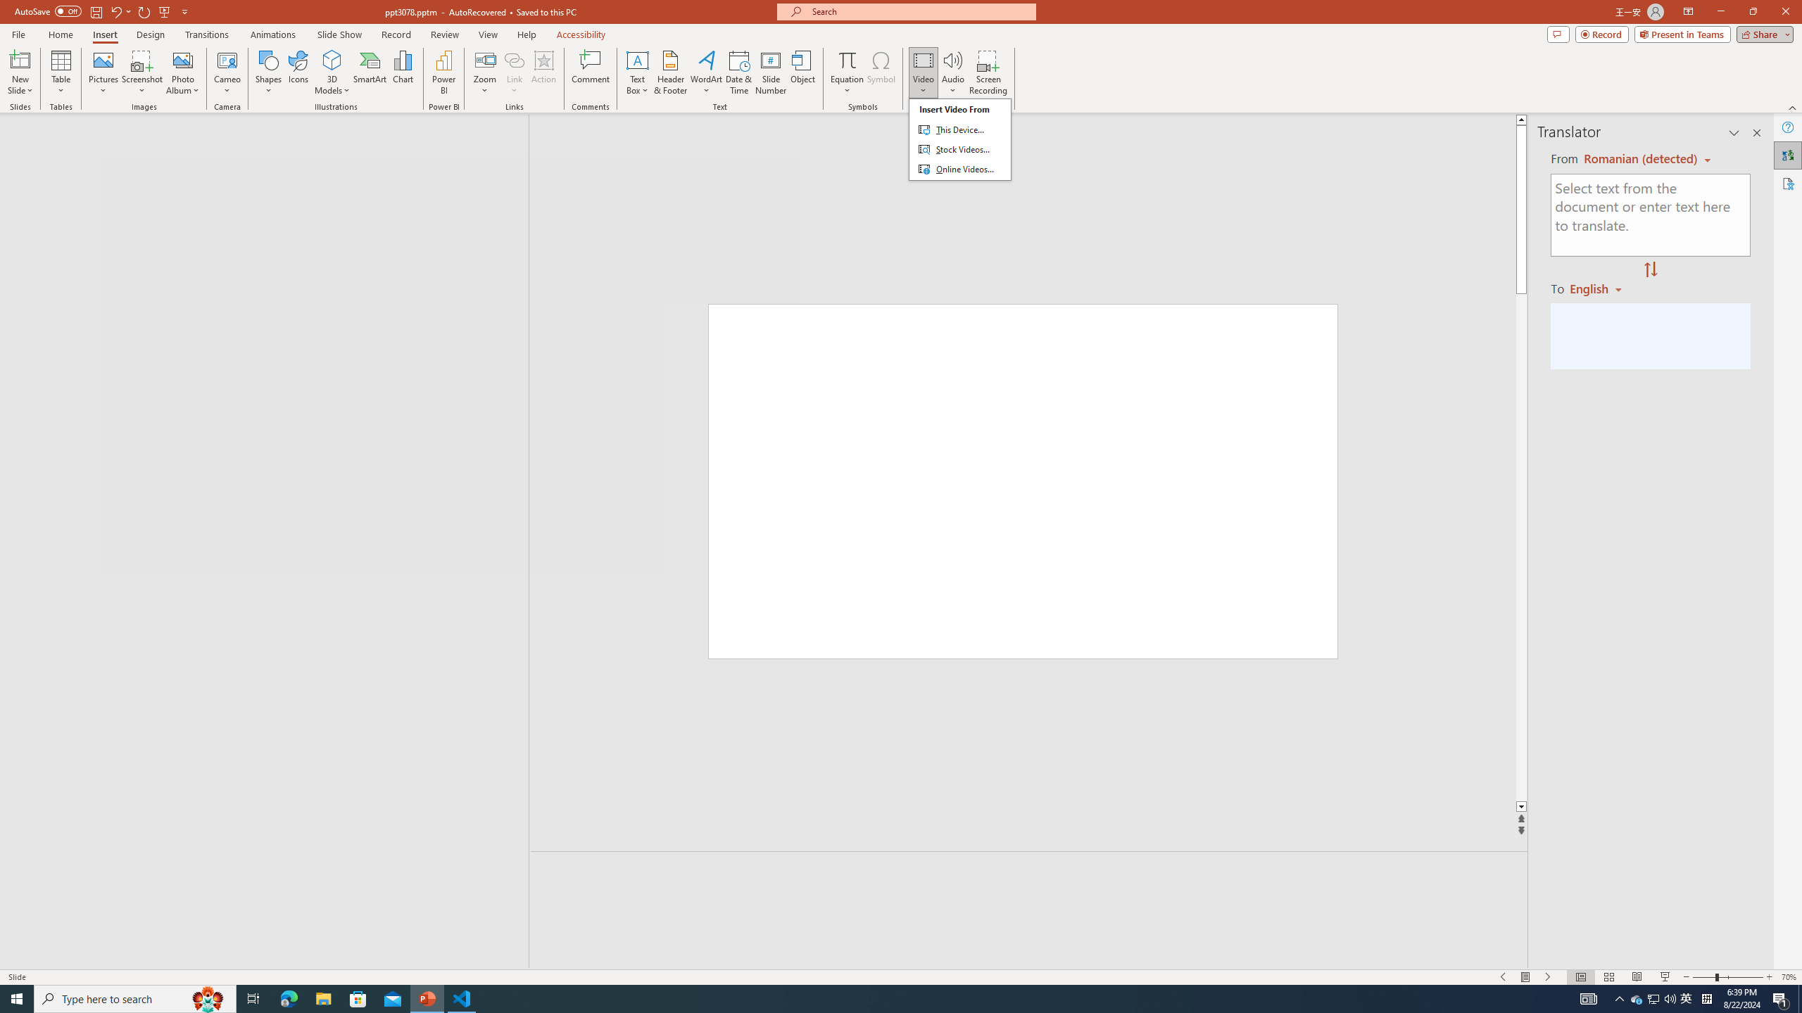 This screenshot has width=1802, height=1013. I want to click on 'Action', so click(544, 72).